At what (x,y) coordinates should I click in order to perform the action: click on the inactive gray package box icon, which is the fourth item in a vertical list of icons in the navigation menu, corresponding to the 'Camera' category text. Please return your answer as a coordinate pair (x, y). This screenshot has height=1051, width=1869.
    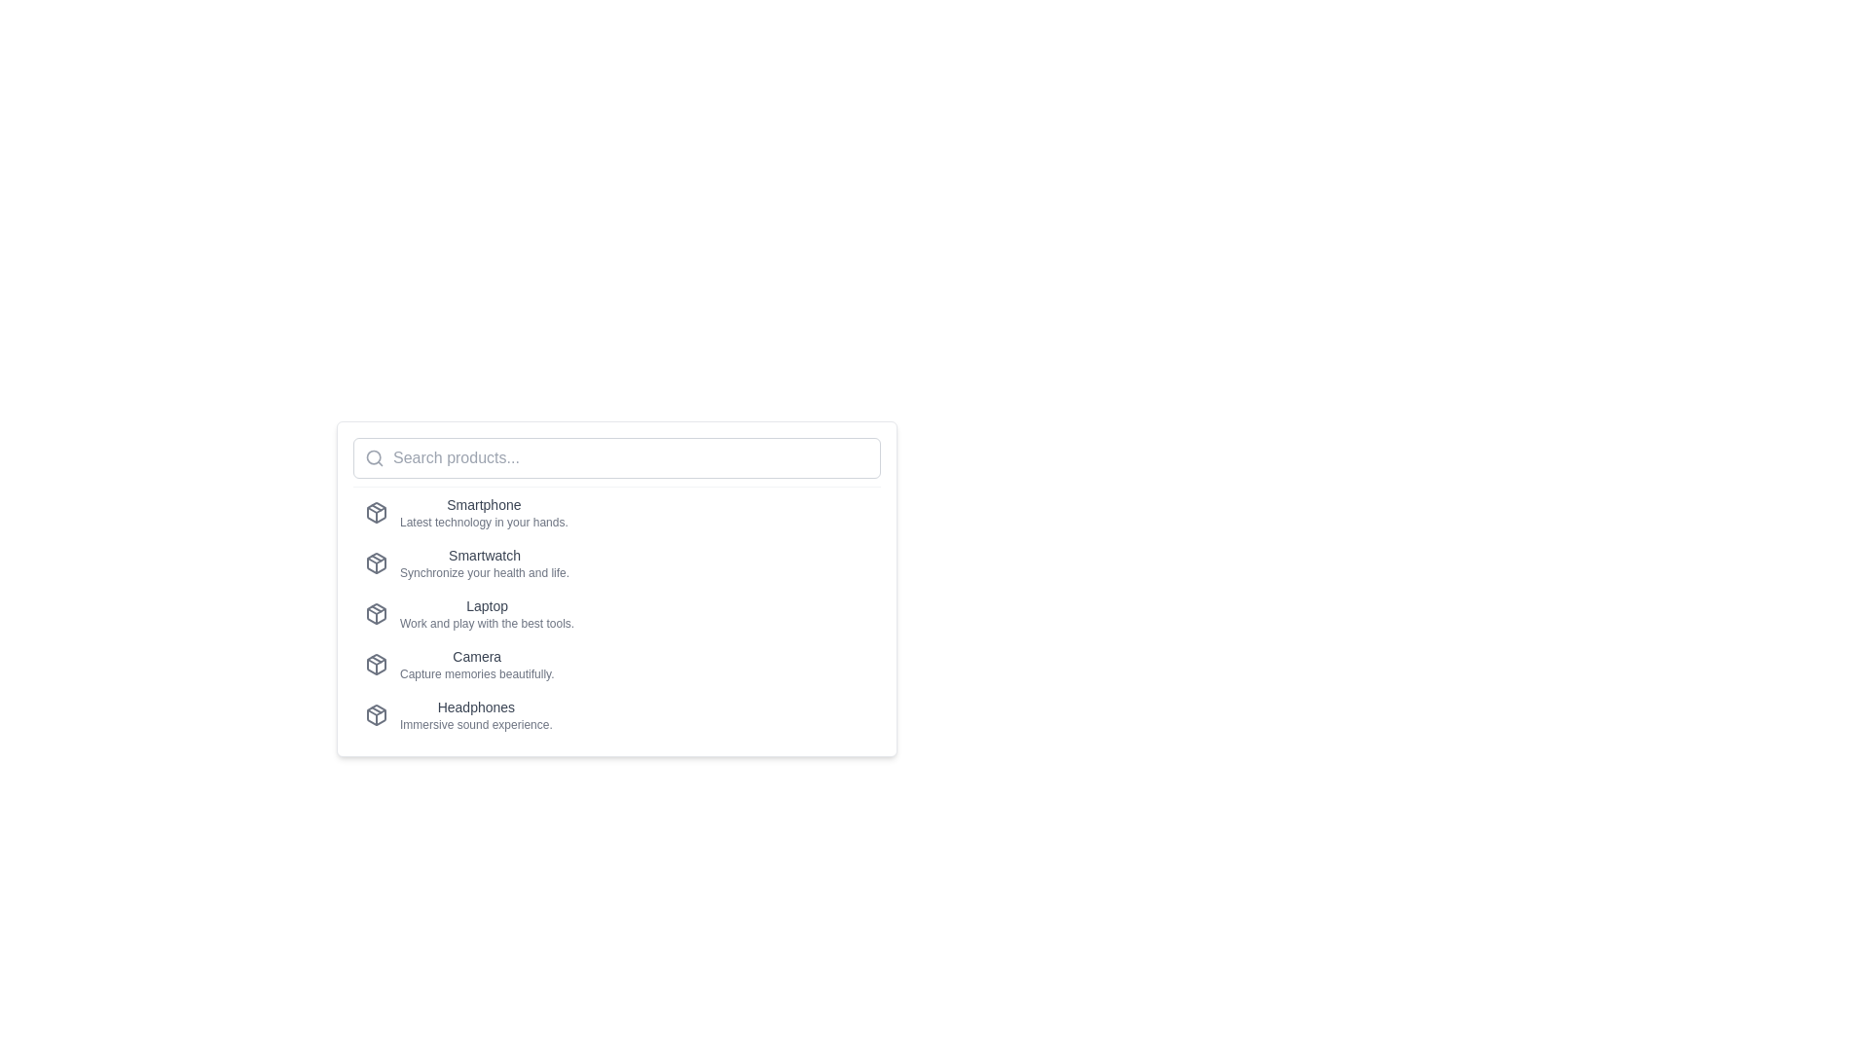
    Looking at the image, I should click on (377, 663).